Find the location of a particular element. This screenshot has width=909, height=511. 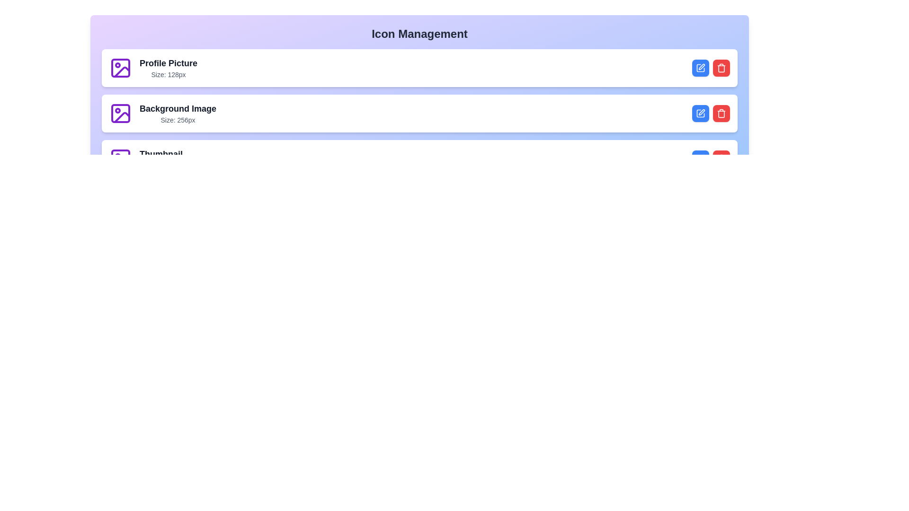

the leftmost icon in the 'Thumbnail' row is located at coordinates (120, 158).